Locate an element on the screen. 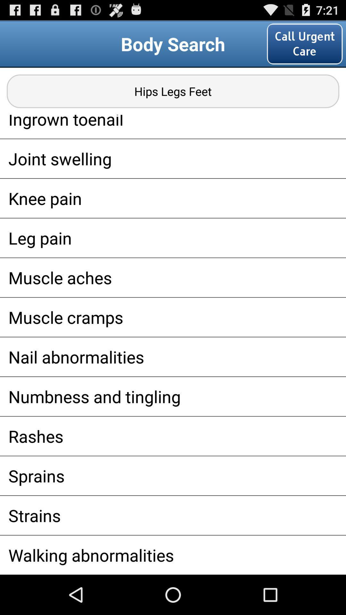  the call urgent care is located at coordinates (304, 44).